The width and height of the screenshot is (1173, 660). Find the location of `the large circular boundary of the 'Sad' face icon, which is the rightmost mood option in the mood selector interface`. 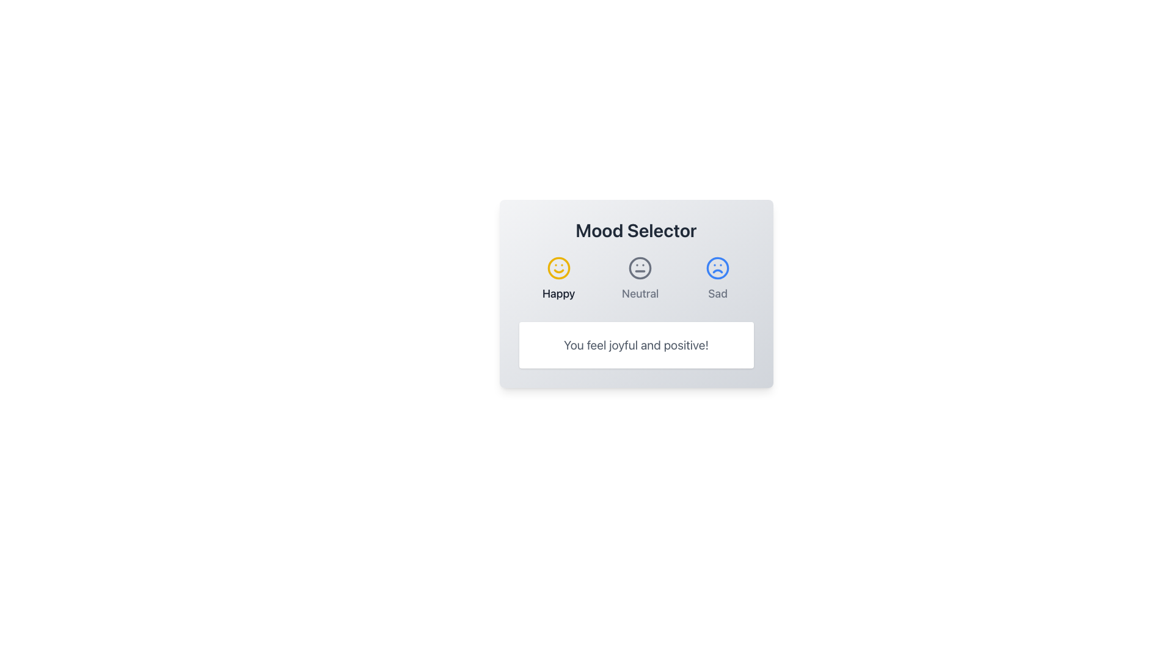

the large circular boundary of the 'Sad' face icon, which is the rightmost mood option in the mood selector interface is located at coordinates (718, 268).